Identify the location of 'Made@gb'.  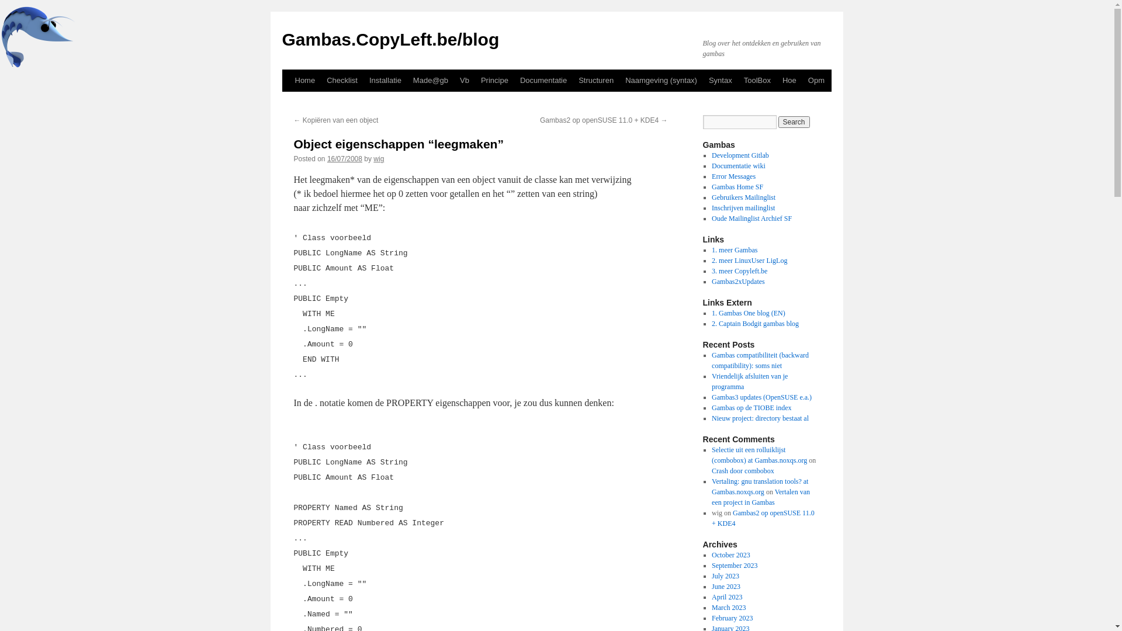
(430, 80).